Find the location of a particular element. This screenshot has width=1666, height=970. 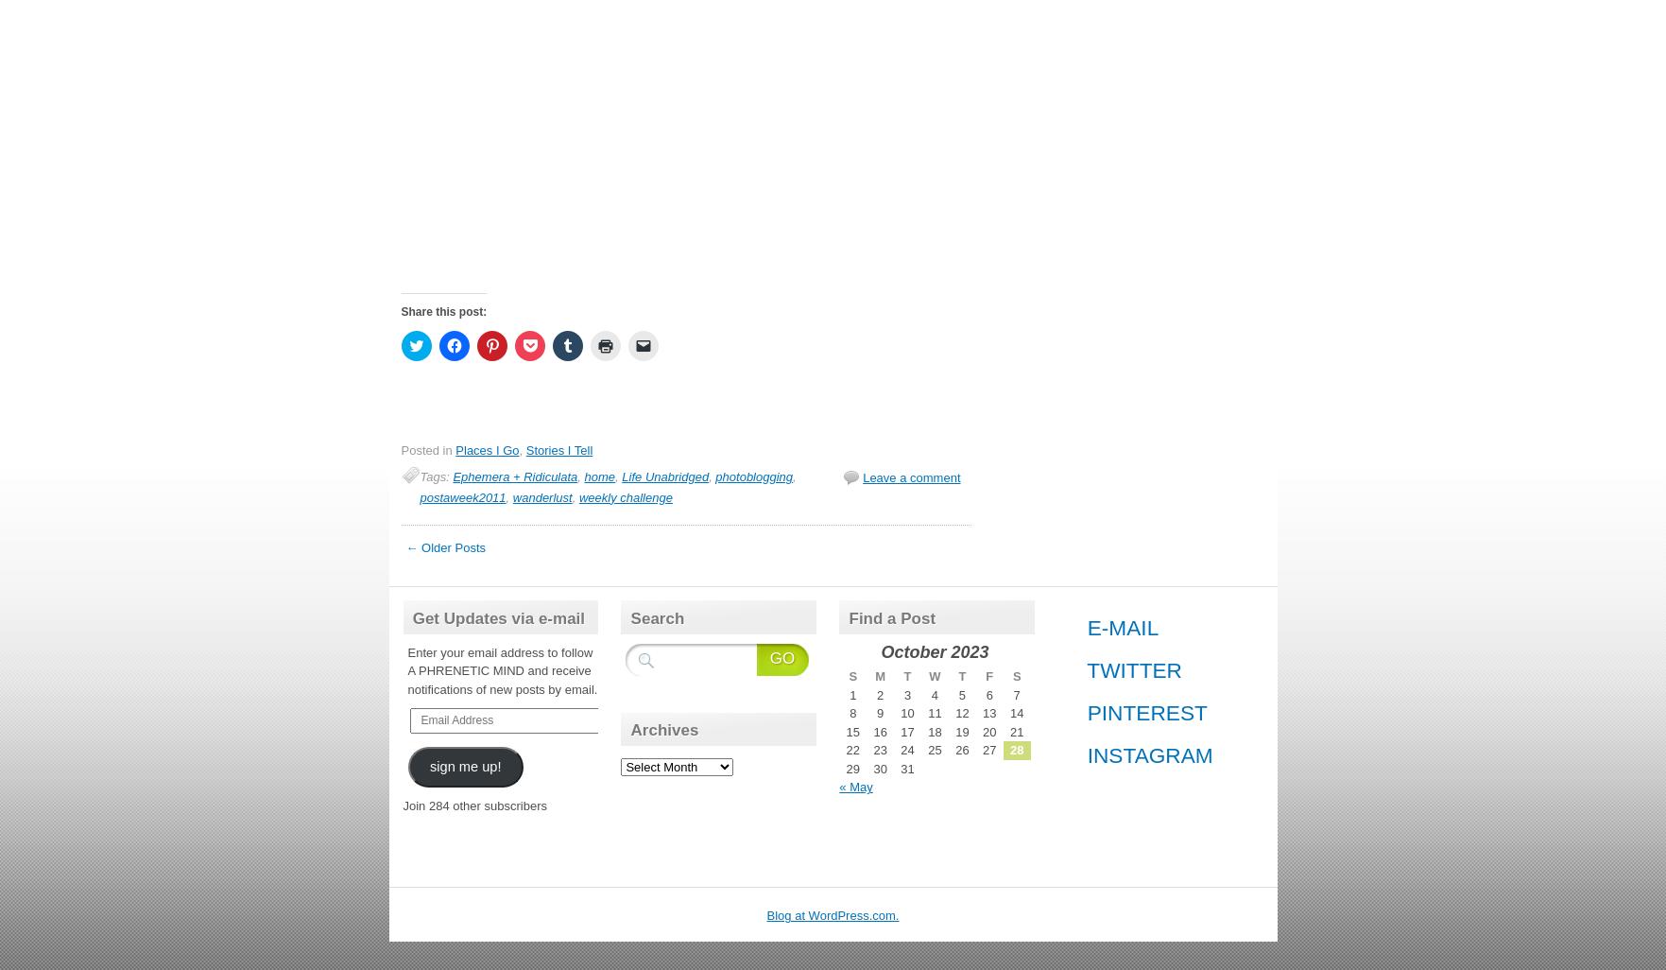

'weekly challenge' is located at coordinates (577, 496).